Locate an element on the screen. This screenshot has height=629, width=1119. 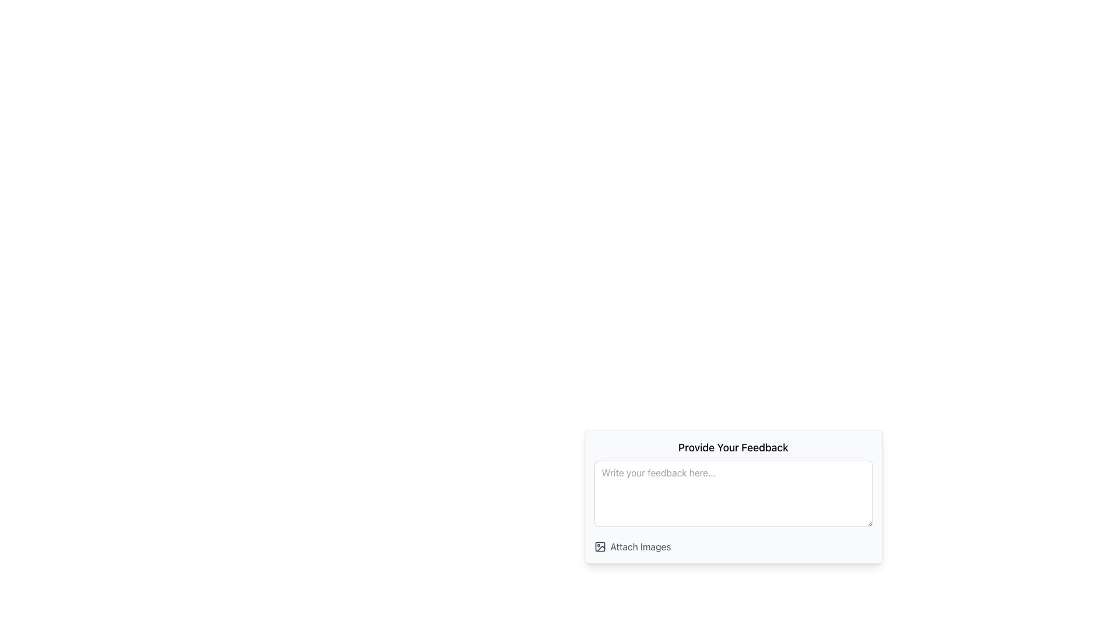
the Static Text Label displaying 'Attach Images' in a smaller, gray font style, located to the right of an image icon within the feedback submission component is located at coordinates (640, 546).